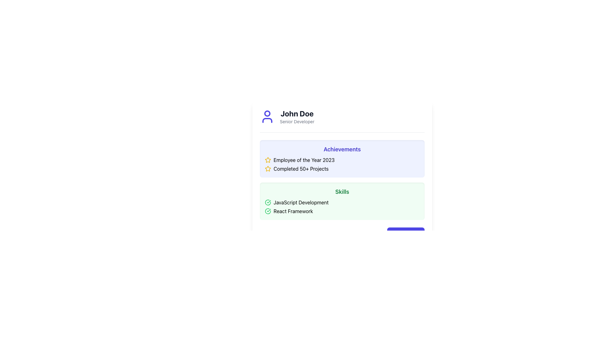  Describe the element at coordinates (268, 211) in the screenshot. I see `the verified status indicator icon related to the 'React Framework' skill located to the left of the text within the 'Skills' section` at that location.